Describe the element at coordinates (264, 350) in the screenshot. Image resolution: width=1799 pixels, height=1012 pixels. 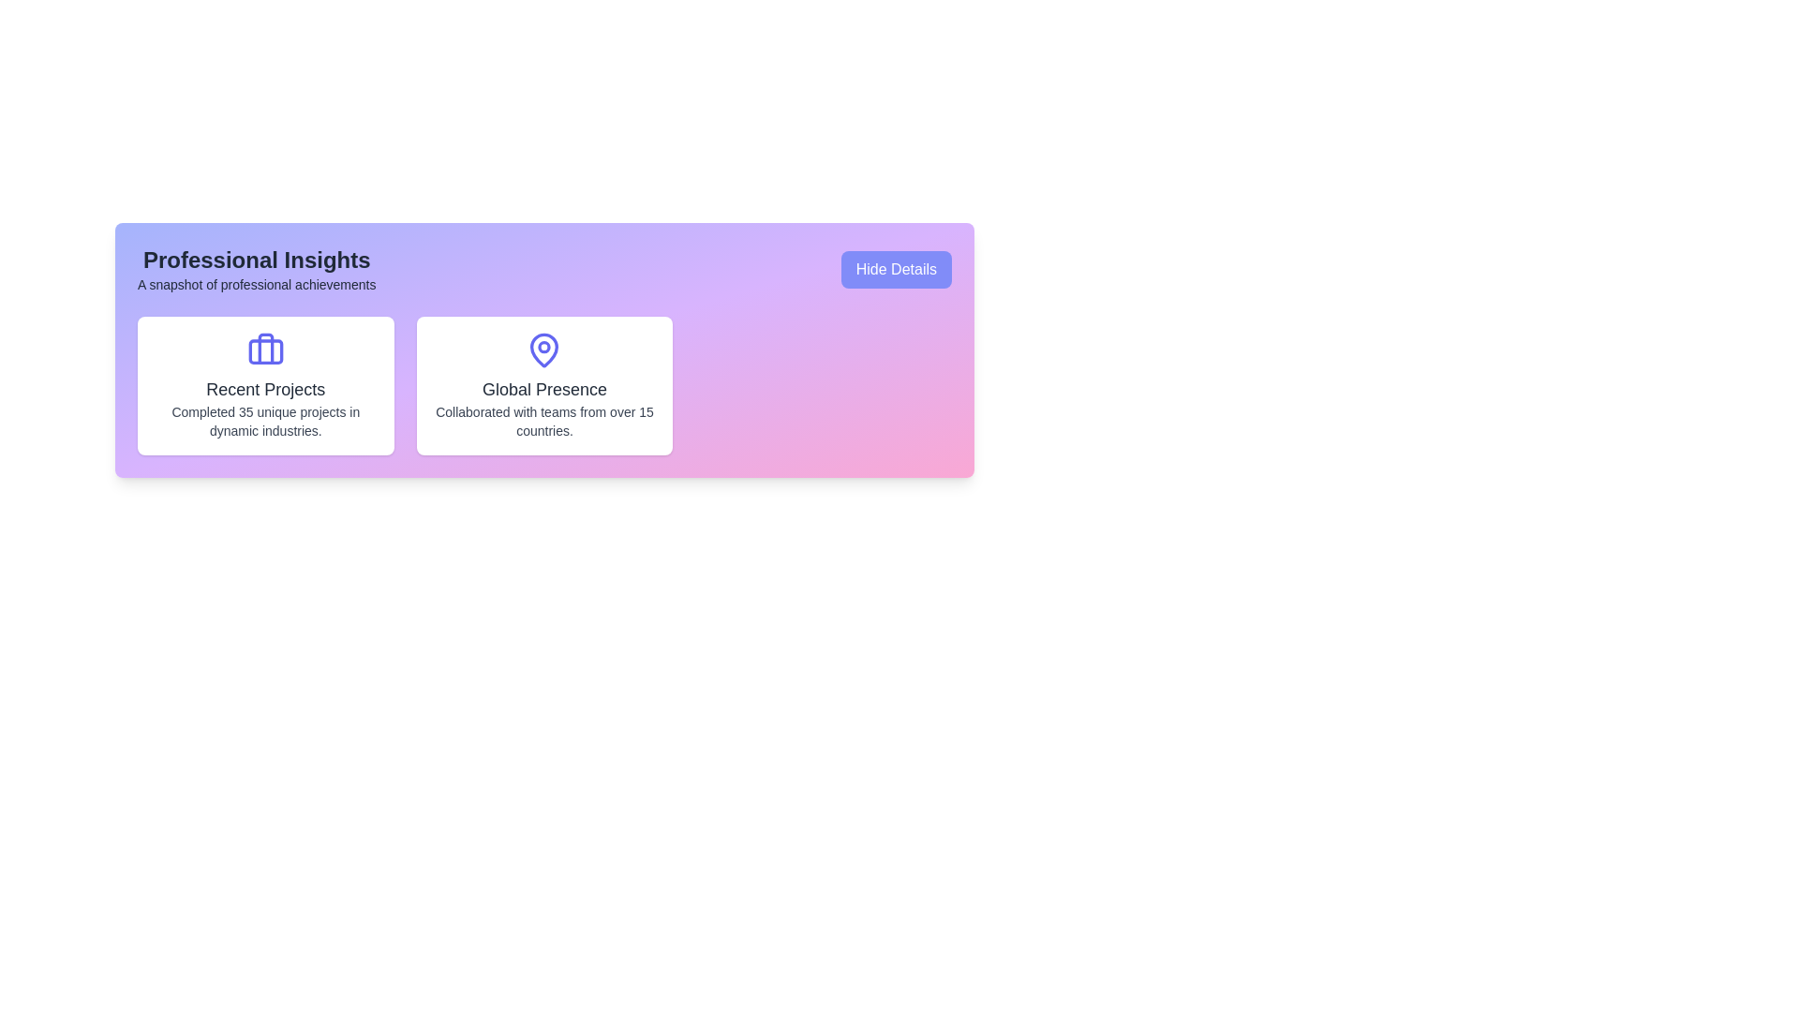
I see `the decorative icon that signifies 'projects' located near the center of the left white card in the 'Professional Insights' section, above the 'Recent Projects' title` at that location.